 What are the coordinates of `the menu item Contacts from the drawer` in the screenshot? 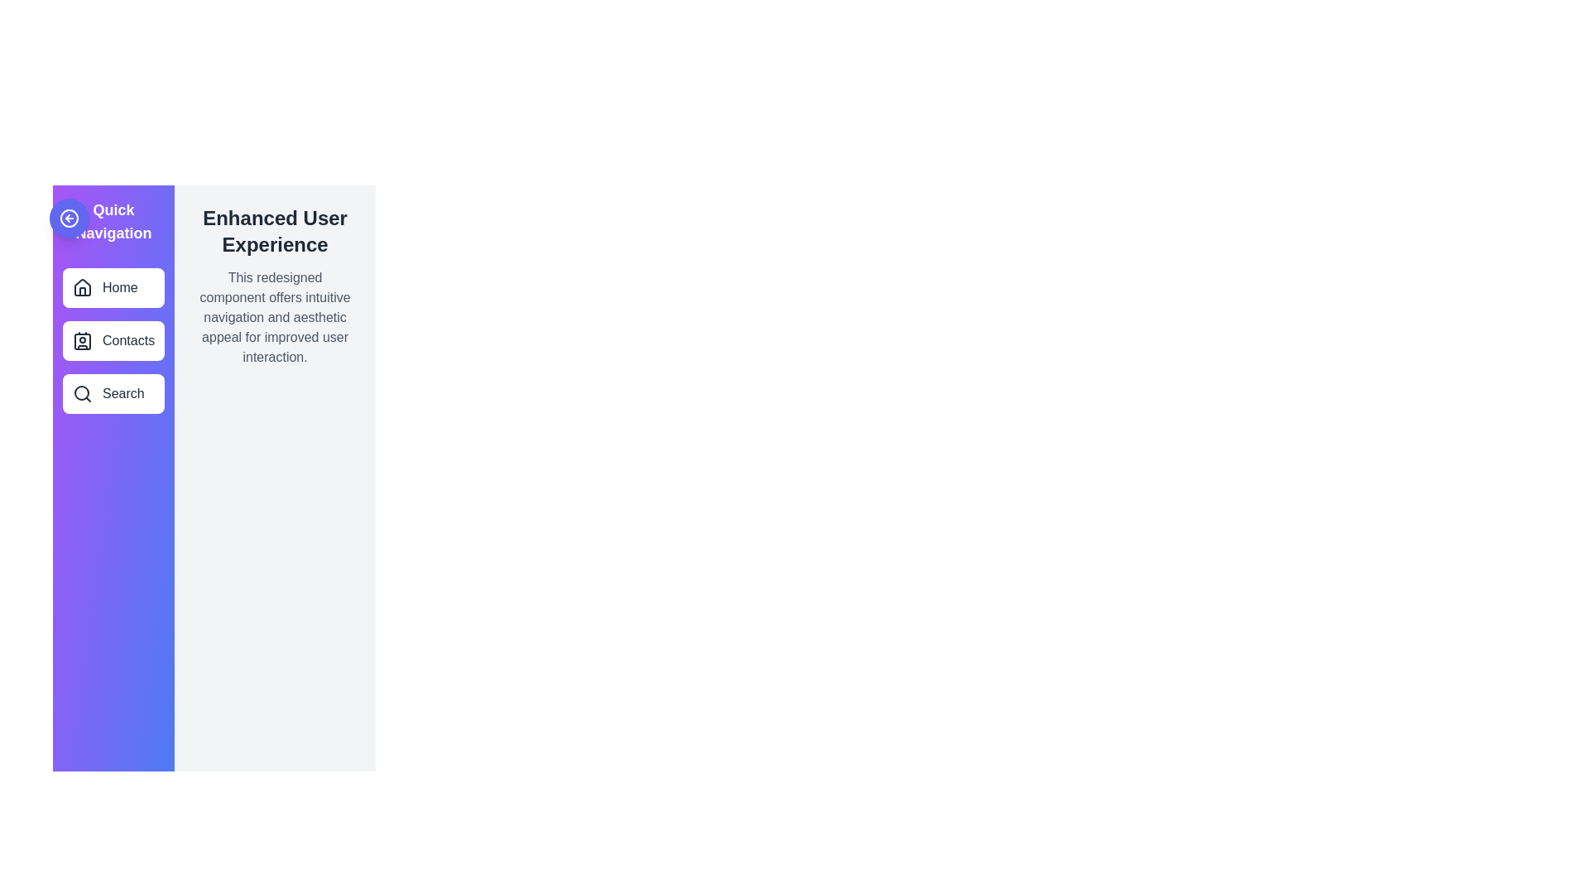 It's located at (113, 340).